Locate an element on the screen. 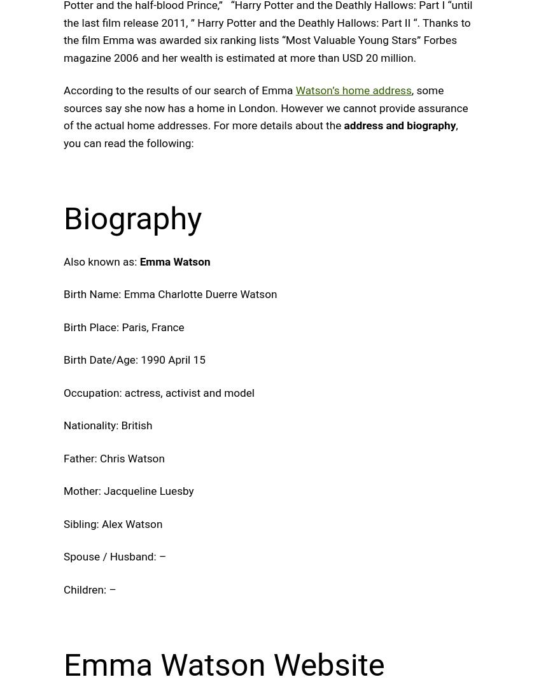 This screenshot has height=684, width=541. 'Spouse / Husband: –' is located at coordinates (114, 556).